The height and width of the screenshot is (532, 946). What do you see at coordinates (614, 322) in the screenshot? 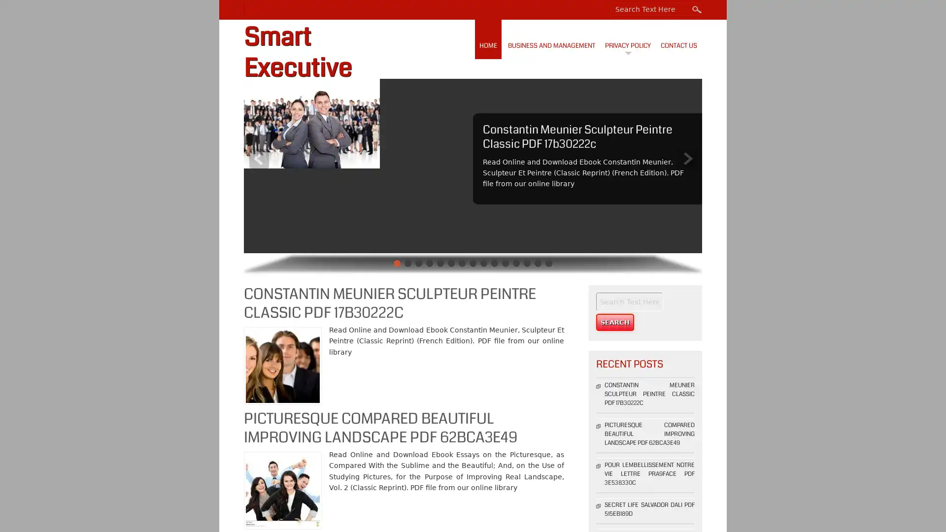
I see `Search` at bounding box center [614, 322].